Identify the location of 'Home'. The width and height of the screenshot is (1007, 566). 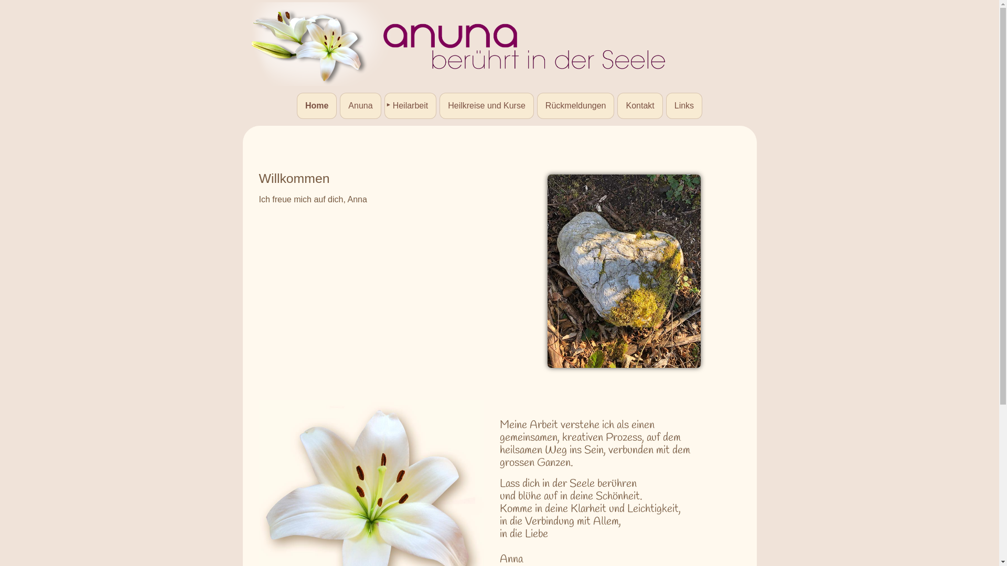
(316, 105).